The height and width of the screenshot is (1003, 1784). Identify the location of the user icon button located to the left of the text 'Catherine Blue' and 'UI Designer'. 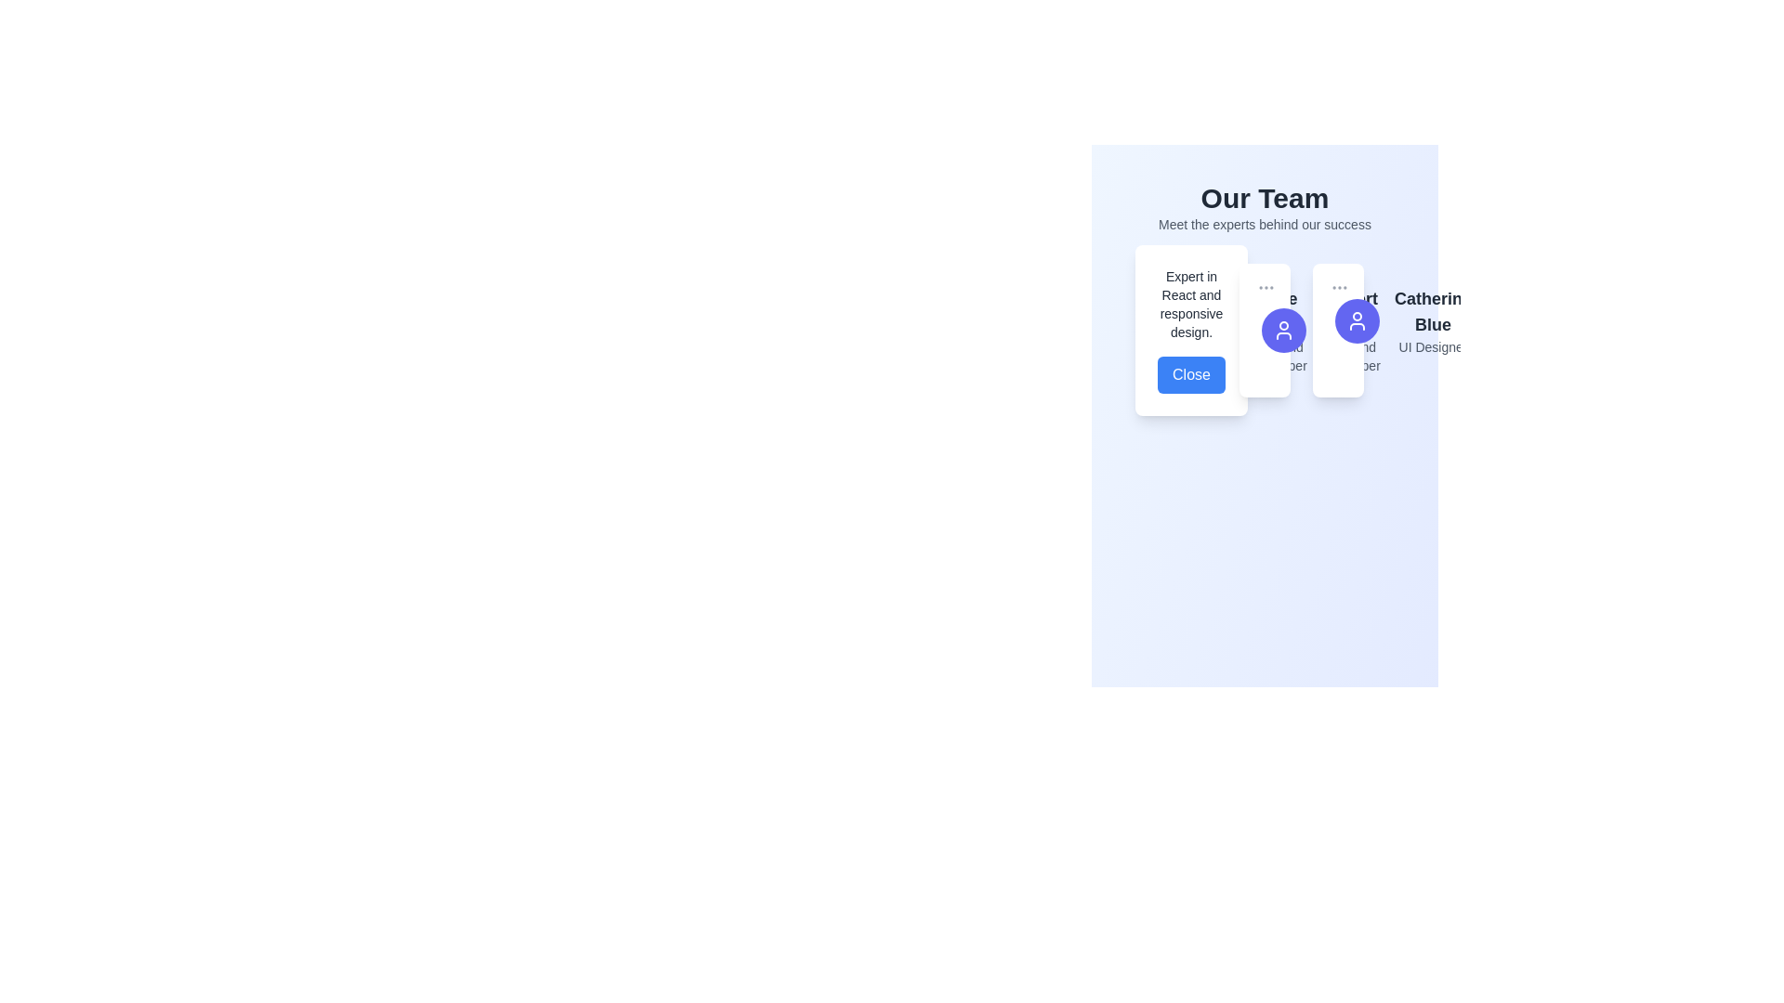
(1357, 320).